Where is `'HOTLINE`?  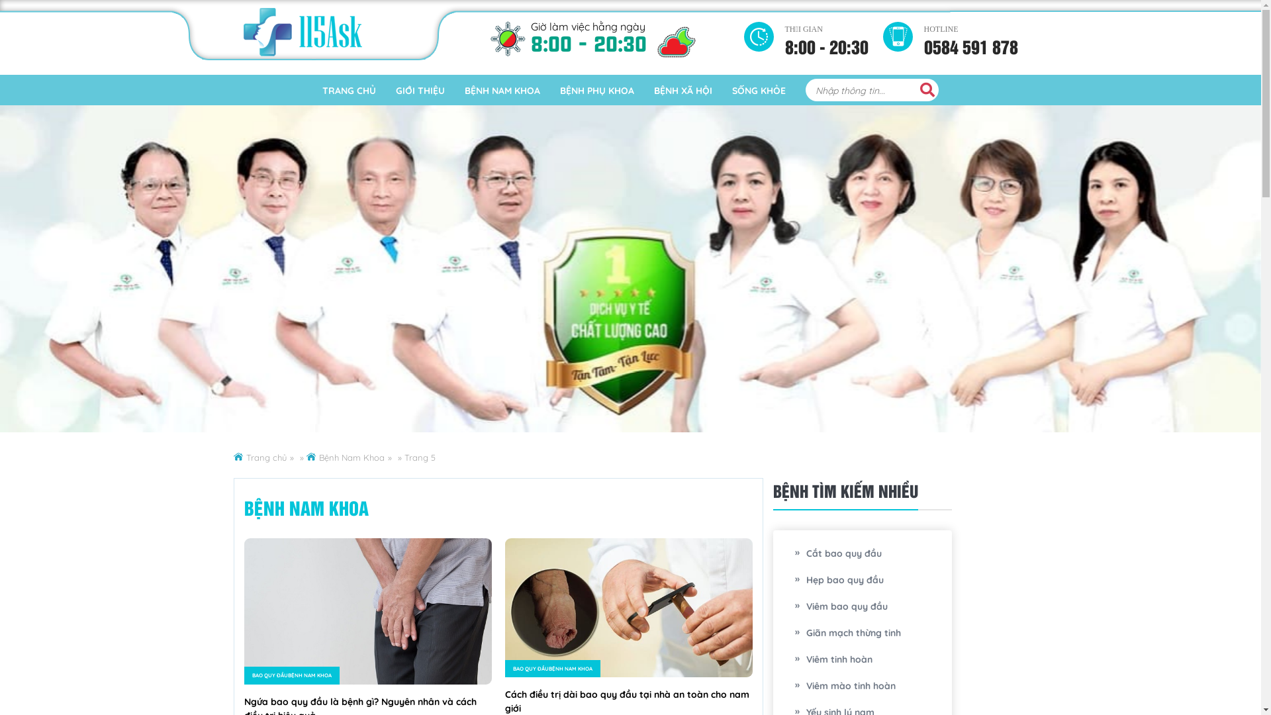
'HOTLINE is located at coordinates (971, 34).